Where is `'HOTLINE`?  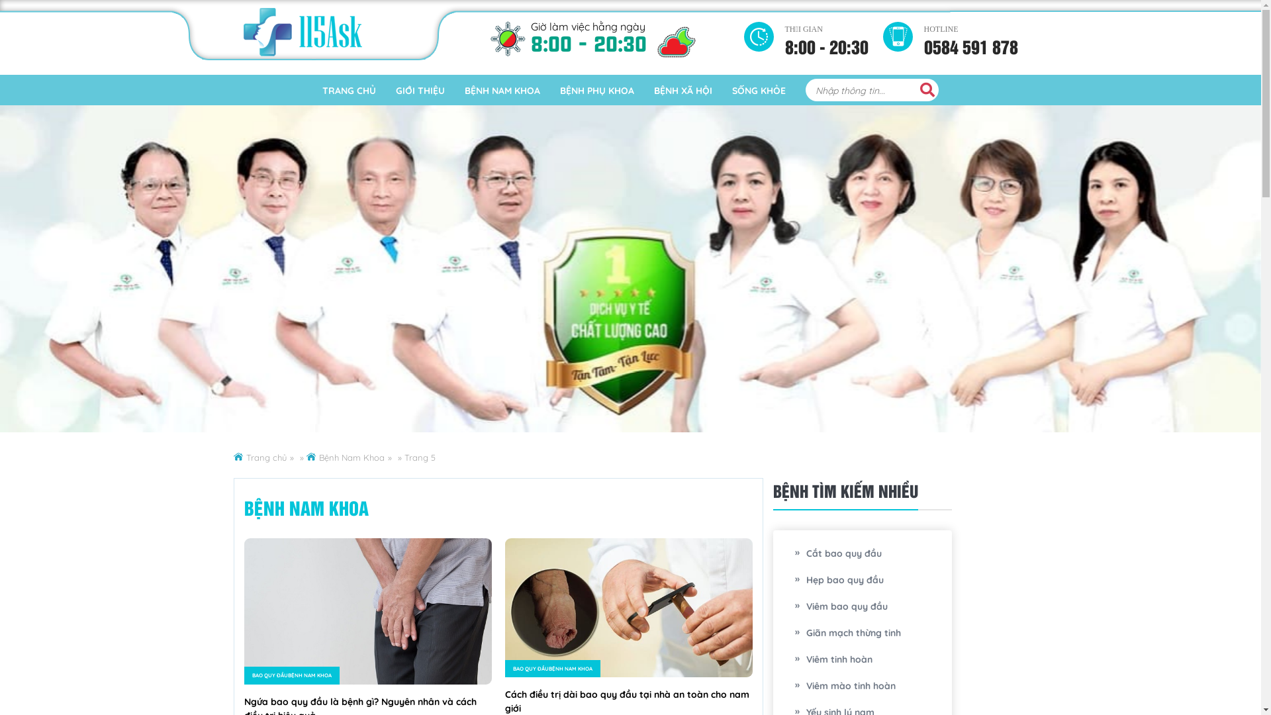
'HOTLINE is located at coordinates (971, 34).